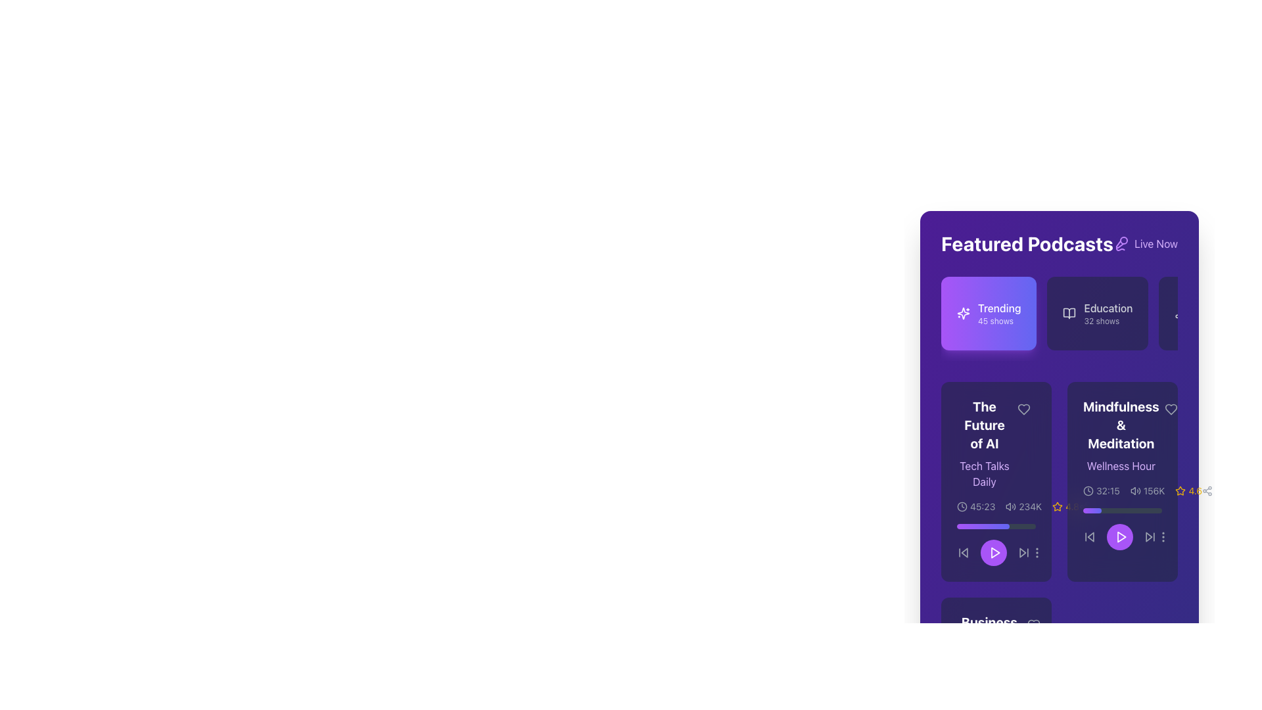 This screenshot has width=1262, height=710. What do you see at coordinates (981, 526) in the screenshot?
I see `the slider value` at bounding box center [981, 526].